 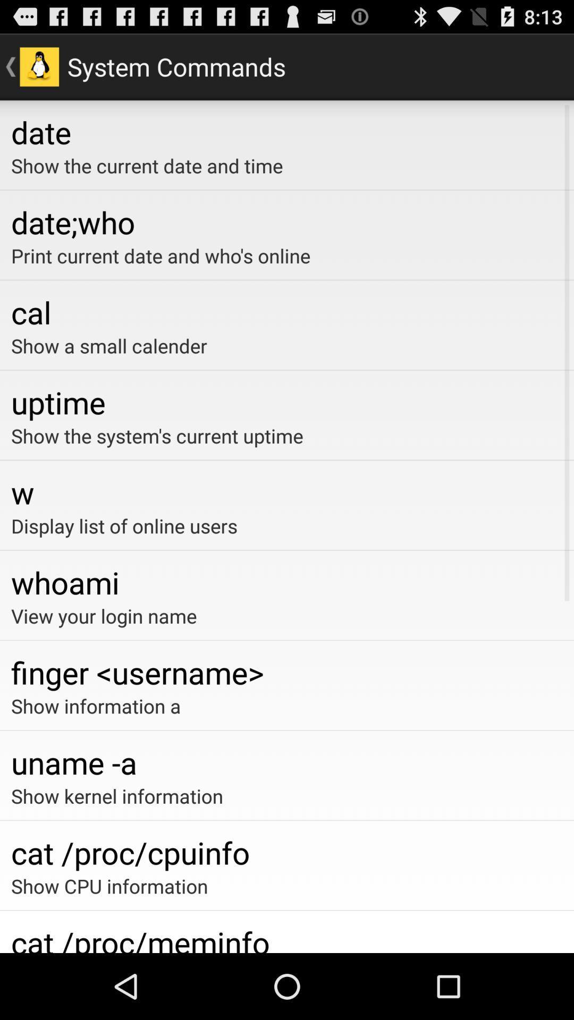 What do you see at coordinates (287, 762) in the screenshot?
I see `the uname -a item` at bounding box center [287, 762].